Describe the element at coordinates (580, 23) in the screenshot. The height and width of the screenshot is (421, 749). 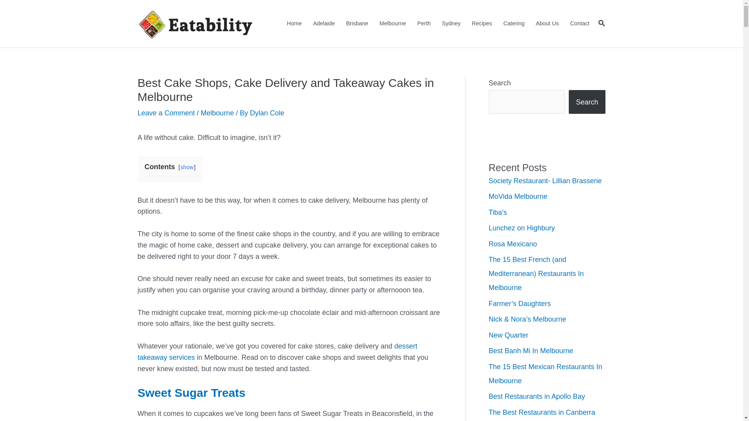
I see `'Contact'` at that location.